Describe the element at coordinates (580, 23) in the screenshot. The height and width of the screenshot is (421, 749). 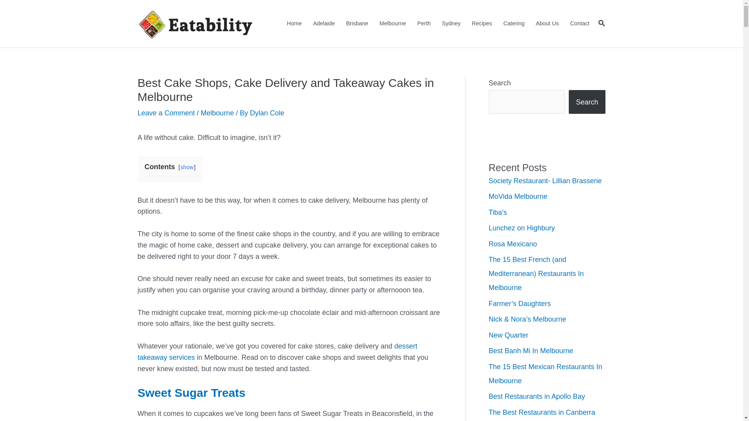
I see `'Contact'` at that location.